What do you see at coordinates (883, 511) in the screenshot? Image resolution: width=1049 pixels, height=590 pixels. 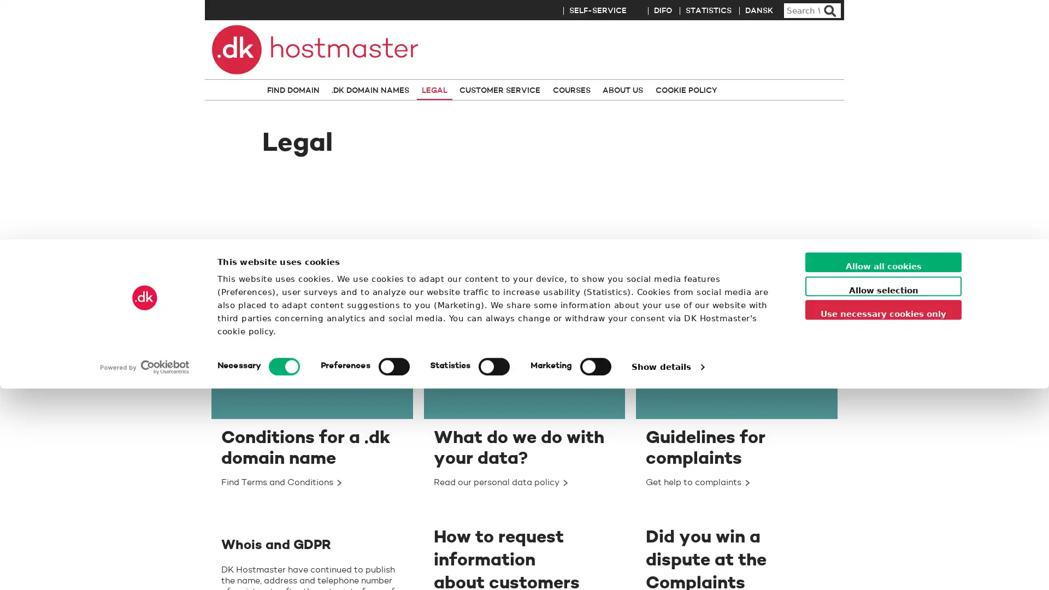 I see `Use necessary cookies only` at bounding box center [883, 511].